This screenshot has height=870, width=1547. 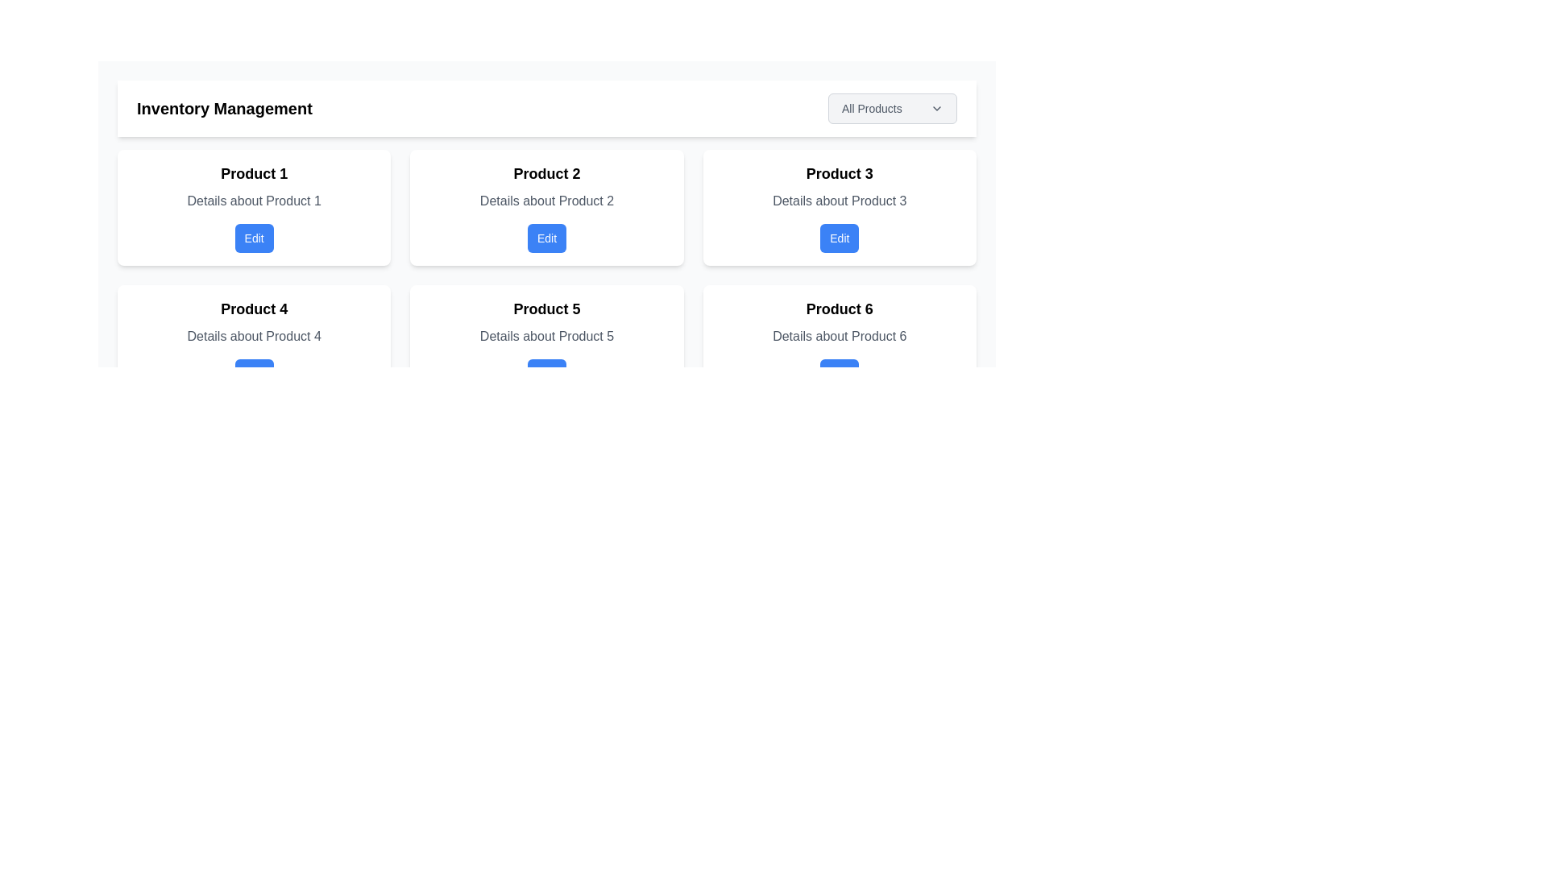 What do you see at coordinates (253, 238) in the screenshot?
I see `the button within the card labeled 'Product 1'` at bounding box center [253, 238].